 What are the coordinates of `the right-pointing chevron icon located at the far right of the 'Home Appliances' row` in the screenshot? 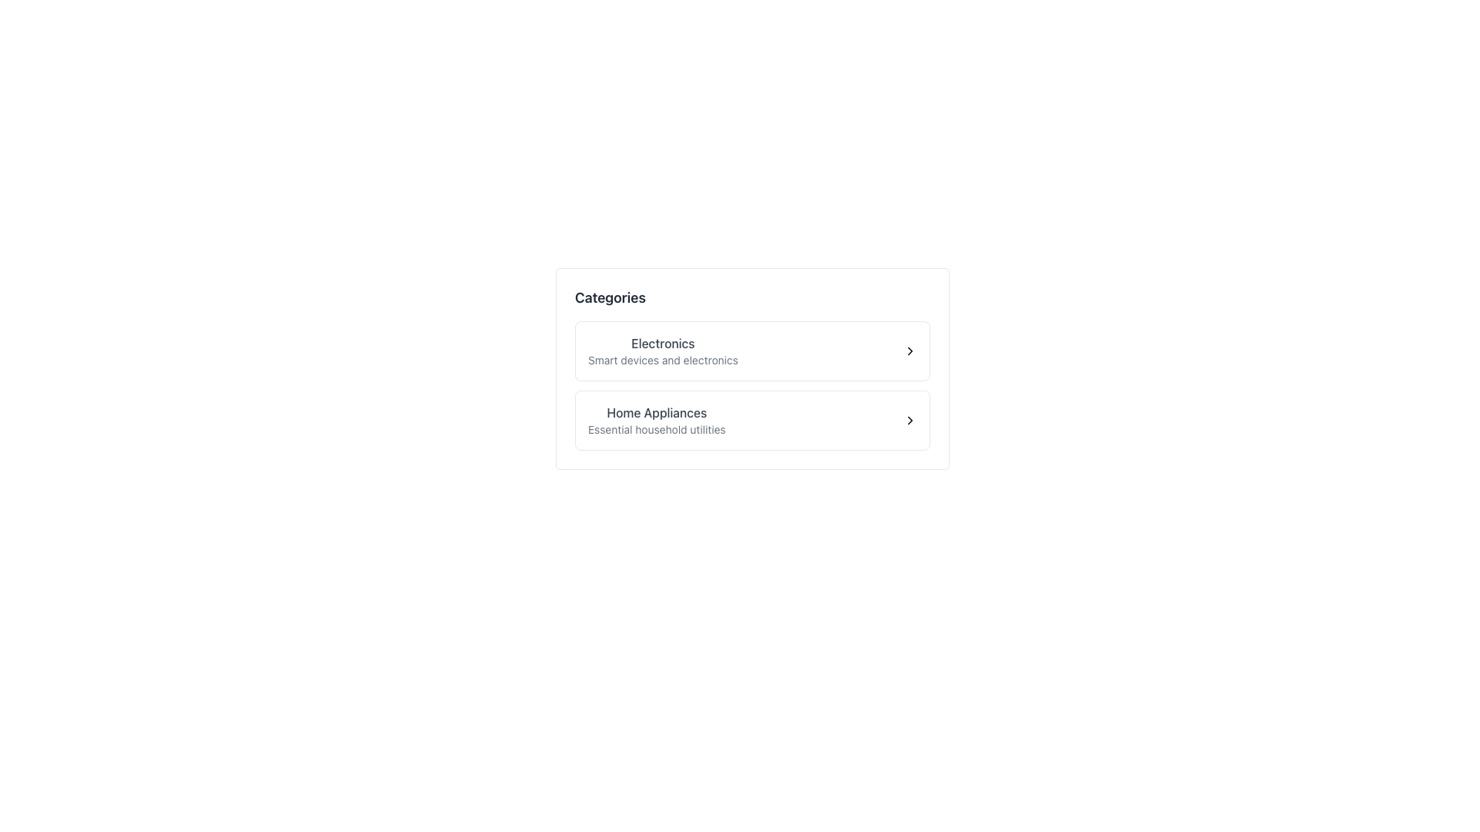 It's located at (910, 421).